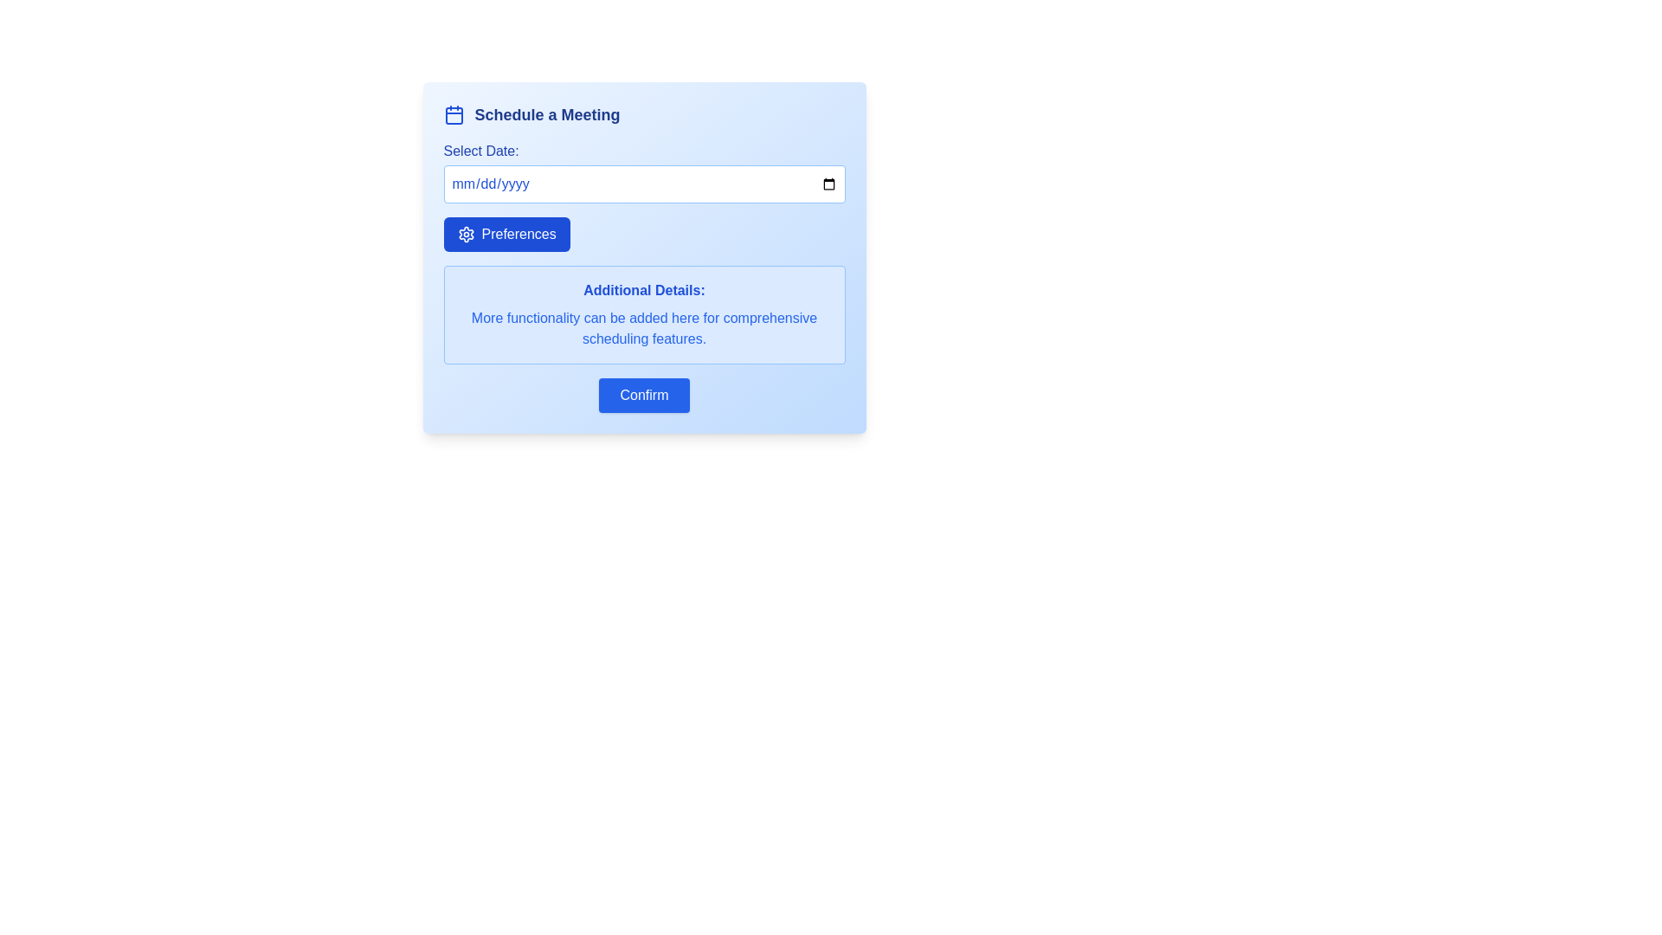  What do you see at coordinates (506, 234) in the screenshot?
I see `the settings button located in the central section of the popup interface, positioned beneath the date selection field and above the additional details section` at bounding box center [506, 234].